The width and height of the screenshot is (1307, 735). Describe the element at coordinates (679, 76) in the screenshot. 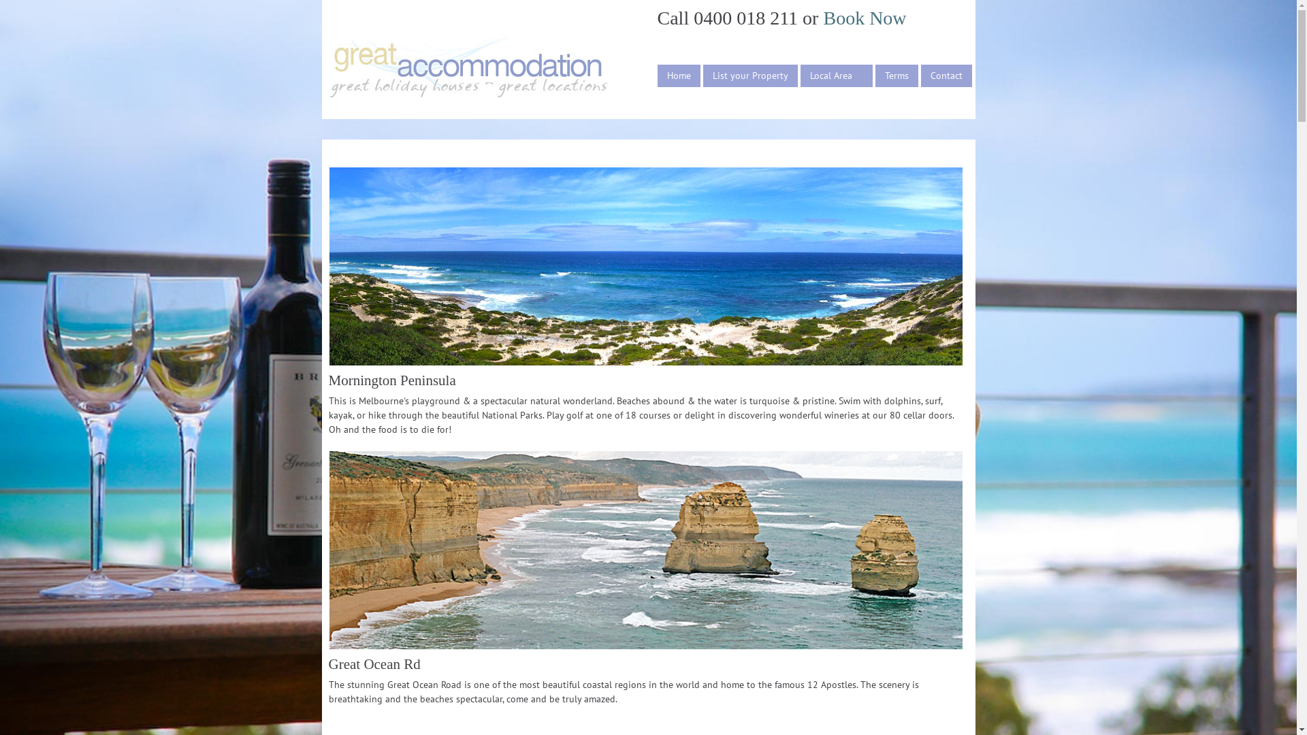

I see `'Home'` at that location.